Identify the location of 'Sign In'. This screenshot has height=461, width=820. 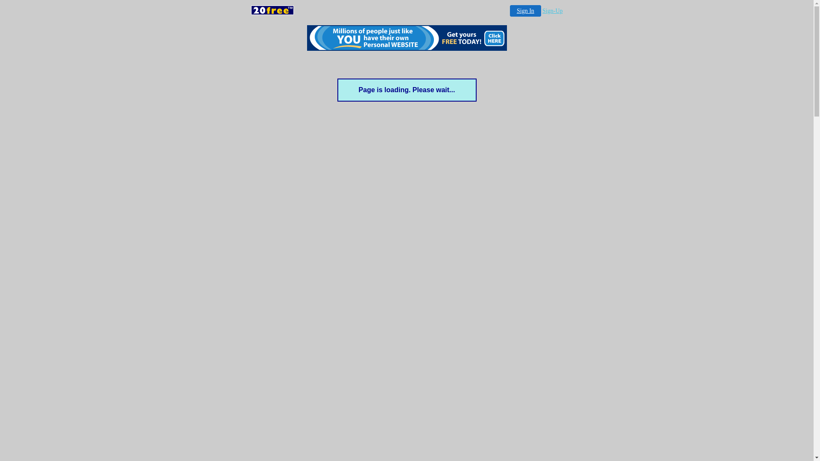
(510, 11).